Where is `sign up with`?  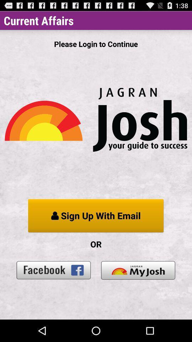
sign up with is located at coordinates (96, 216).